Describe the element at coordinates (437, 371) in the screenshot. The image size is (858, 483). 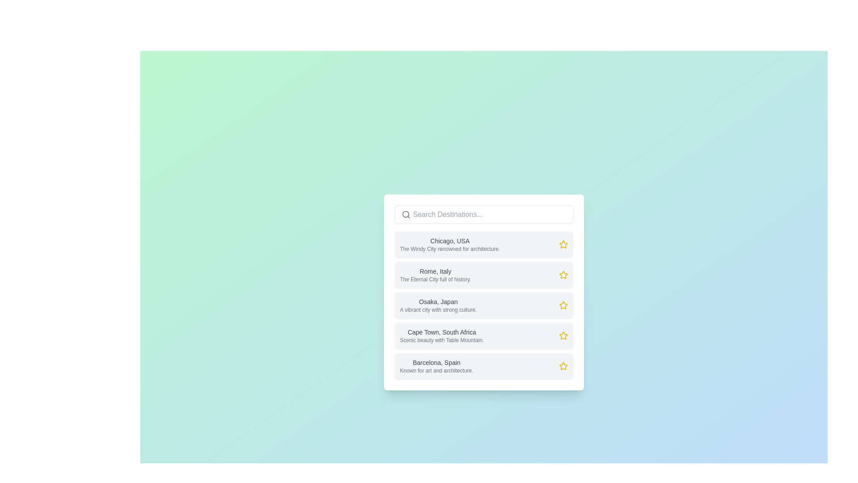
I see `the text label providing additional descriptive information about 'Barcelona, Spain', which is positioned immediately below the text 'Barcelona, Spain' within the list item` at that location.